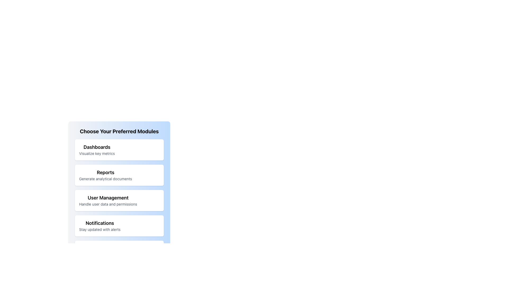  Describe the element at coordinates (119, 200) in the screenshot. I see `the 'User Management' List Item, which is the third option in the vertically stacked list of modules within the 'Choose Your Preferred Modules' card` at that location.